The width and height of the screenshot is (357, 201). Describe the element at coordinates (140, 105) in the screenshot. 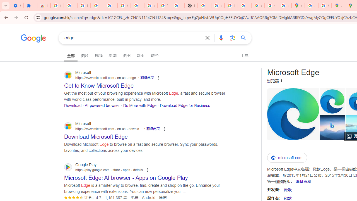

I see `'Do More with Edge'` at that location.